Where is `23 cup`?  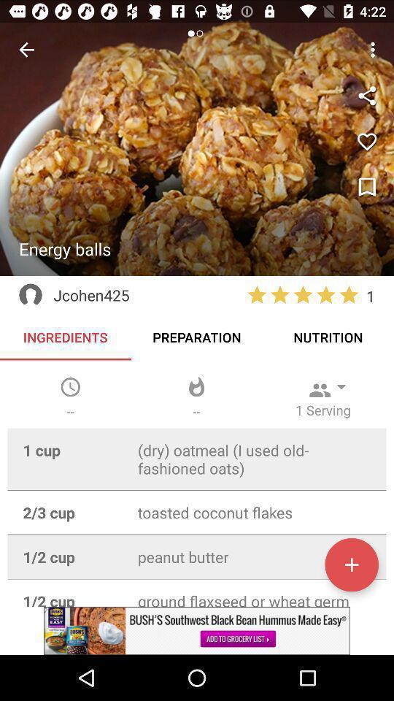 23 cup is located at coordinates (72, 512).